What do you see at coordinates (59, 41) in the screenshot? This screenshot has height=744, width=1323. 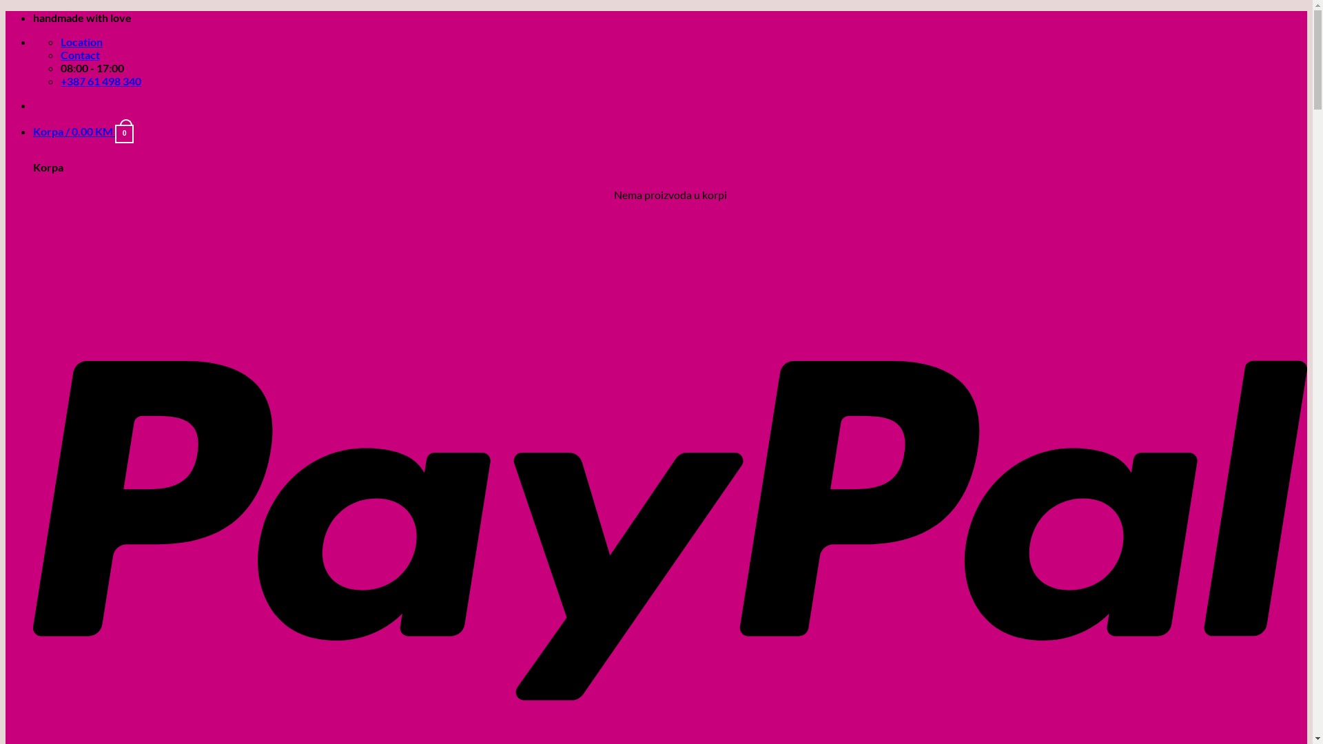 I see `'Location'` at bounding box center [59, 41].